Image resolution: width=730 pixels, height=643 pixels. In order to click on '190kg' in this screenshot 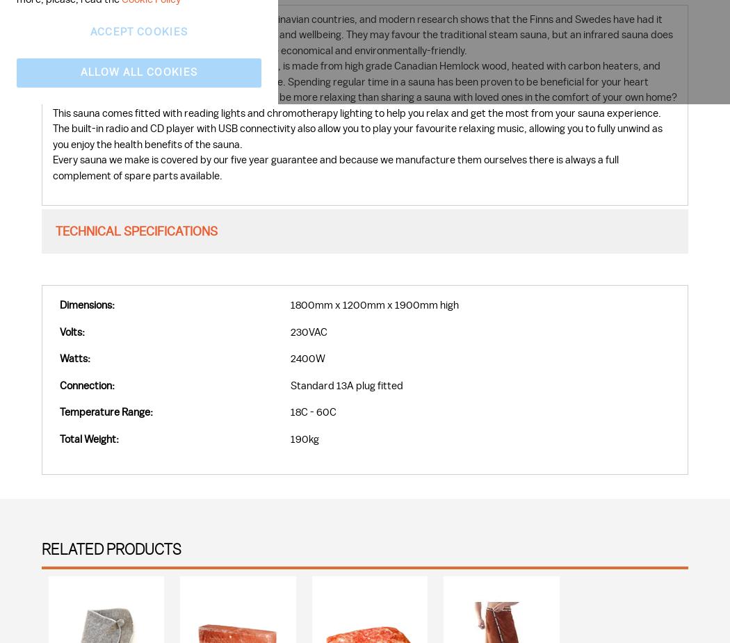, I will do `click(304, 439)`.